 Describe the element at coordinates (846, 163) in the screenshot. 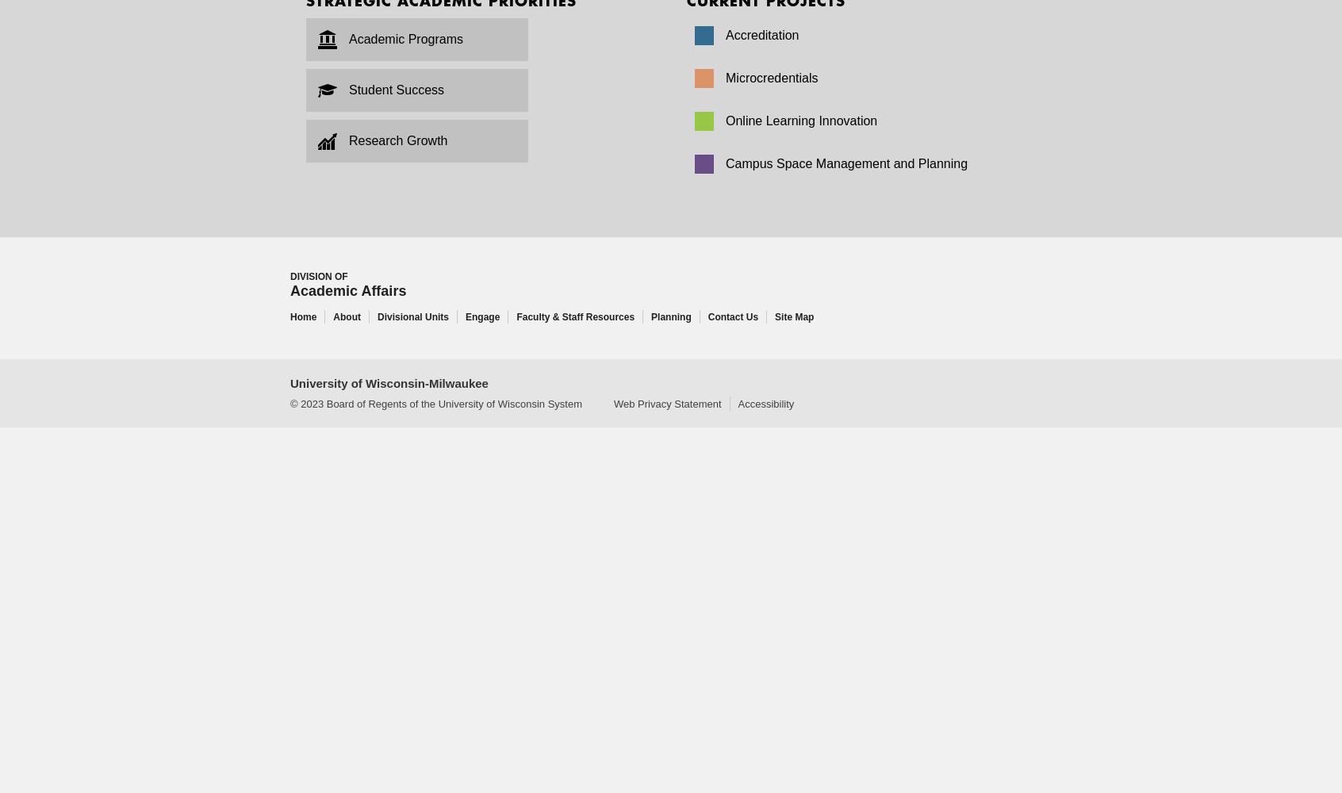

I see `'Campus Space Management and Planning'` at that location.